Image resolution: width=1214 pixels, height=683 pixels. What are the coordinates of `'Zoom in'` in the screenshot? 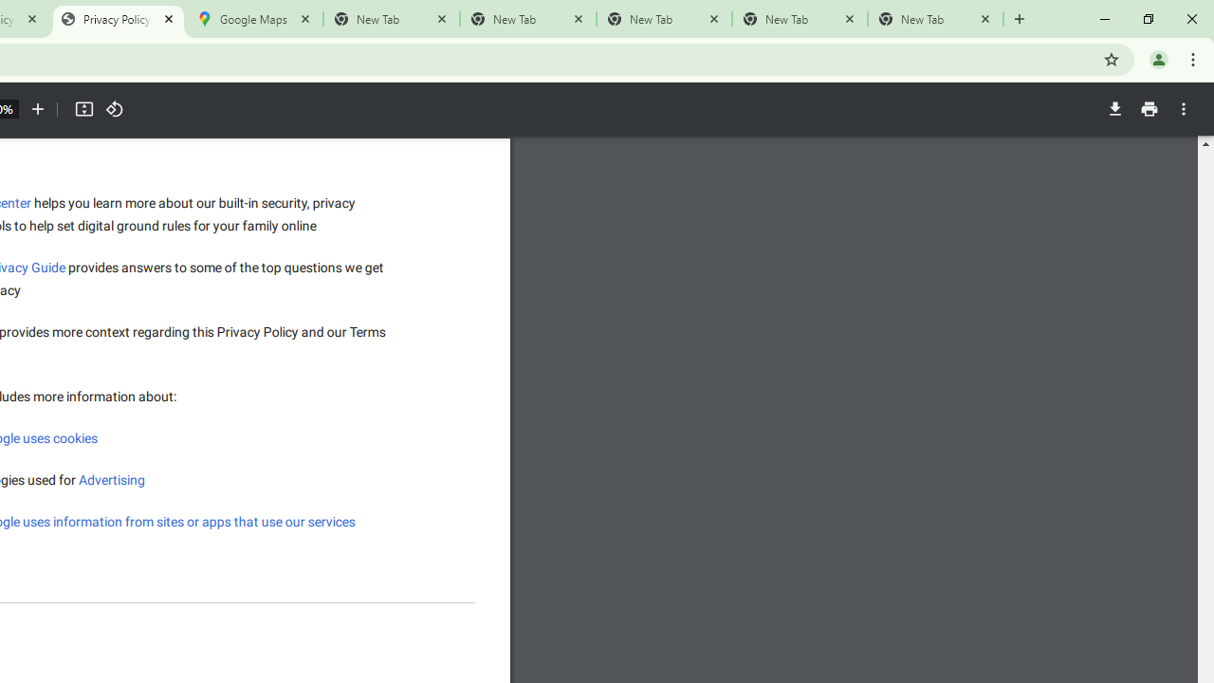 It's located at (37, 109).